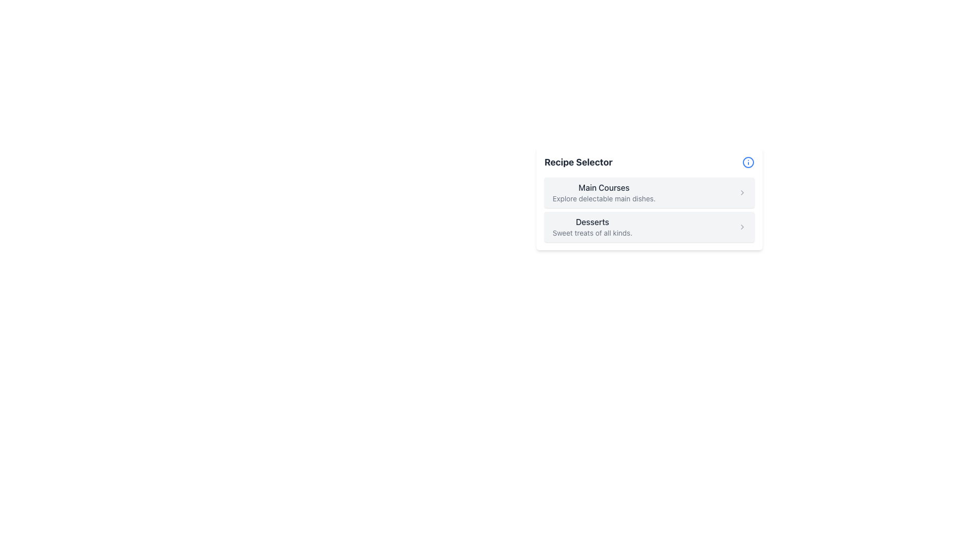  What do you see at coordinates (593, 227) in the screenshot?
I see `the 'Desserts' menu list item, which is the second option in a vertical list` at bounding box center [593, 227].